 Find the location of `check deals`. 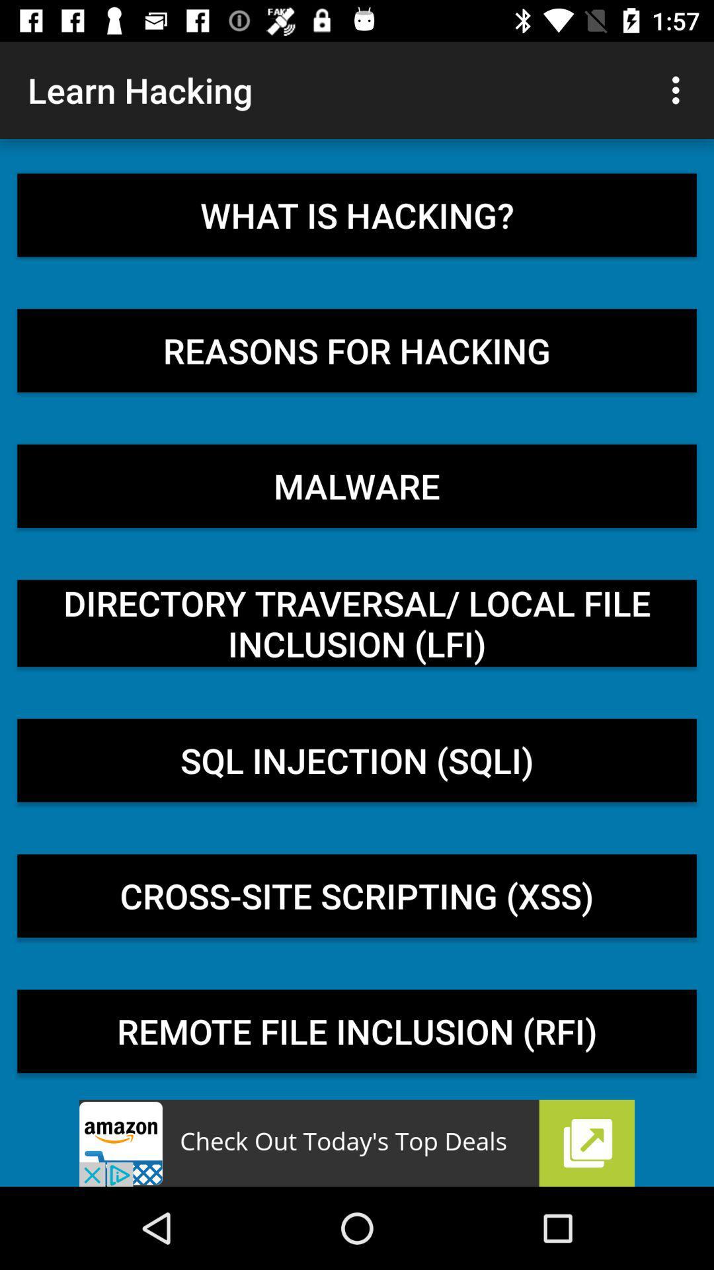

check deals is located at coordinates (357, 1142).